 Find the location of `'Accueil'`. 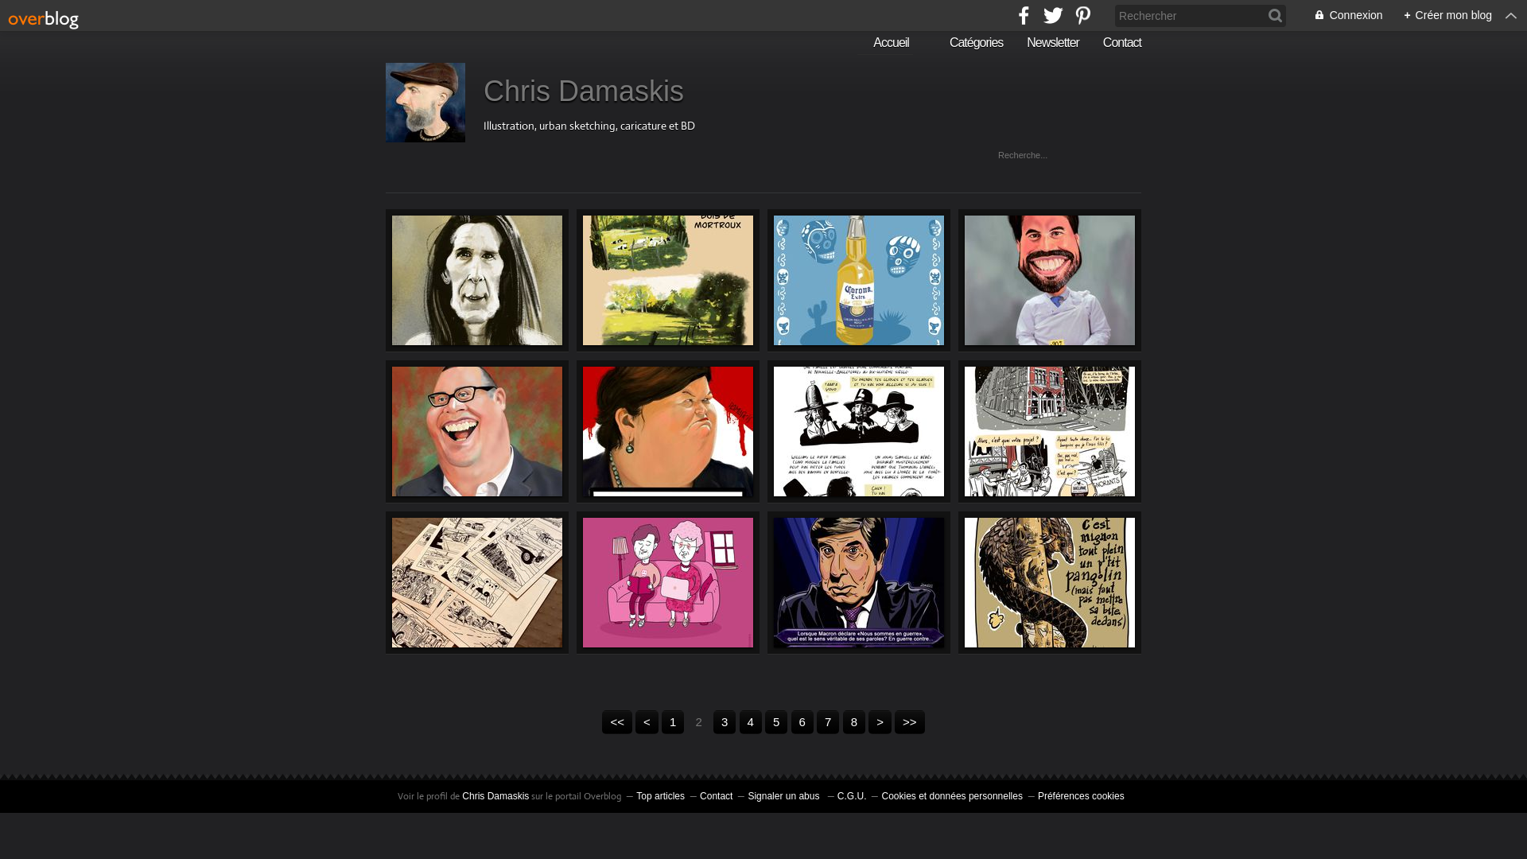

'Accueil' is located at coordinates (884, 42).